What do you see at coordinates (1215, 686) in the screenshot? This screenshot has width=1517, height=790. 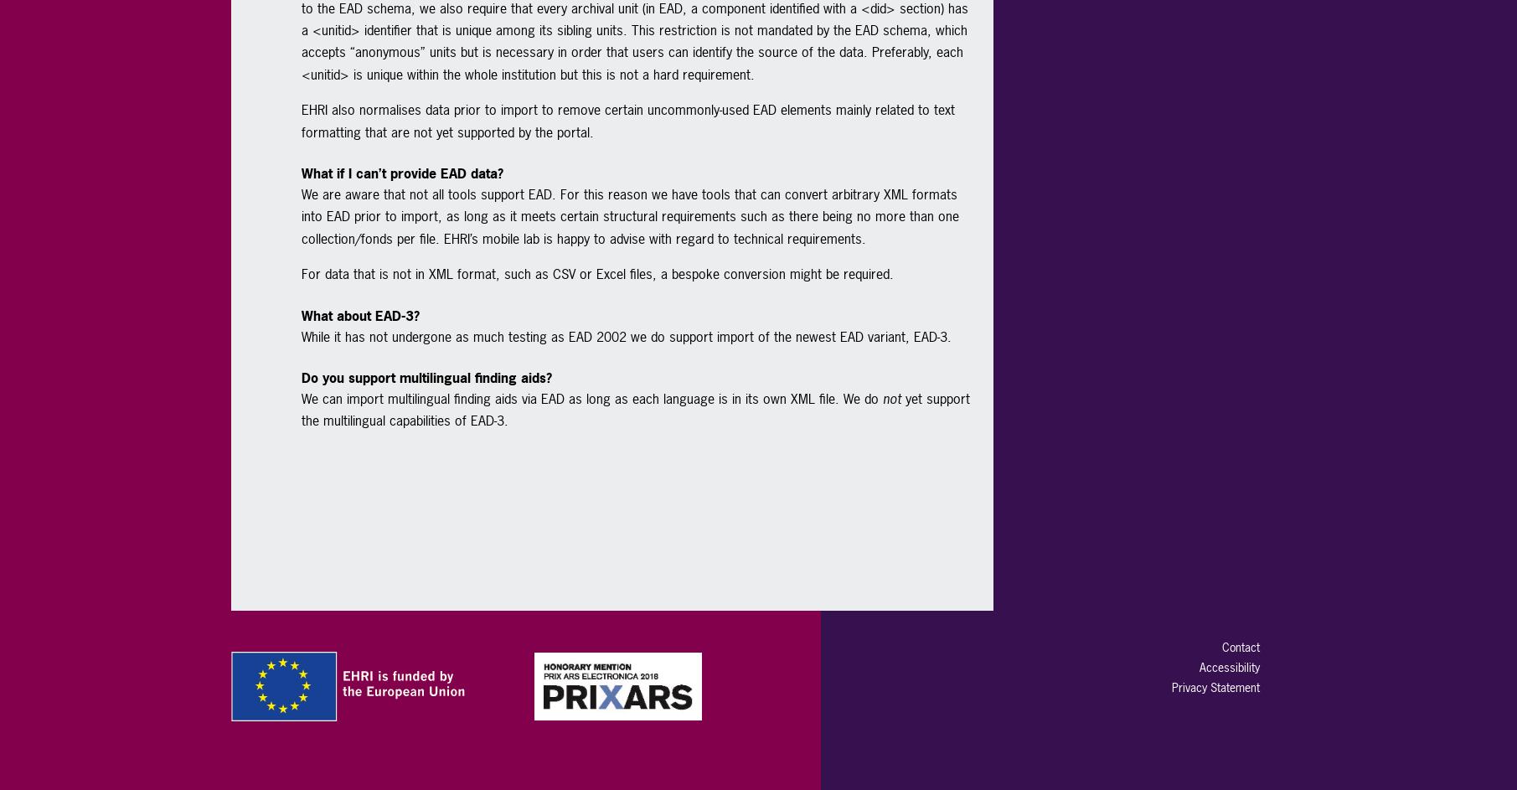 I see `'Privacy Statement'` at bounding box center [1215, 686].